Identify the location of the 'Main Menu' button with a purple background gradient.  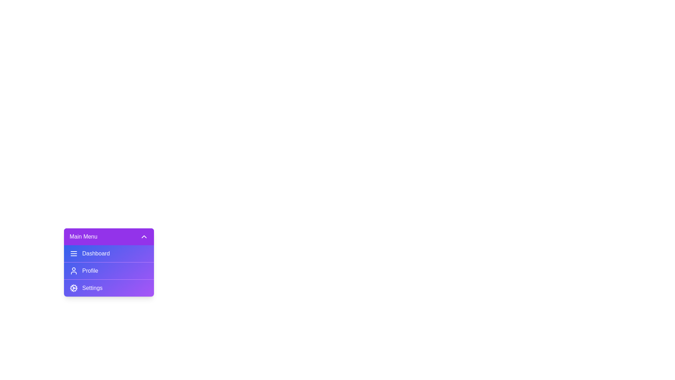
(109, 236).